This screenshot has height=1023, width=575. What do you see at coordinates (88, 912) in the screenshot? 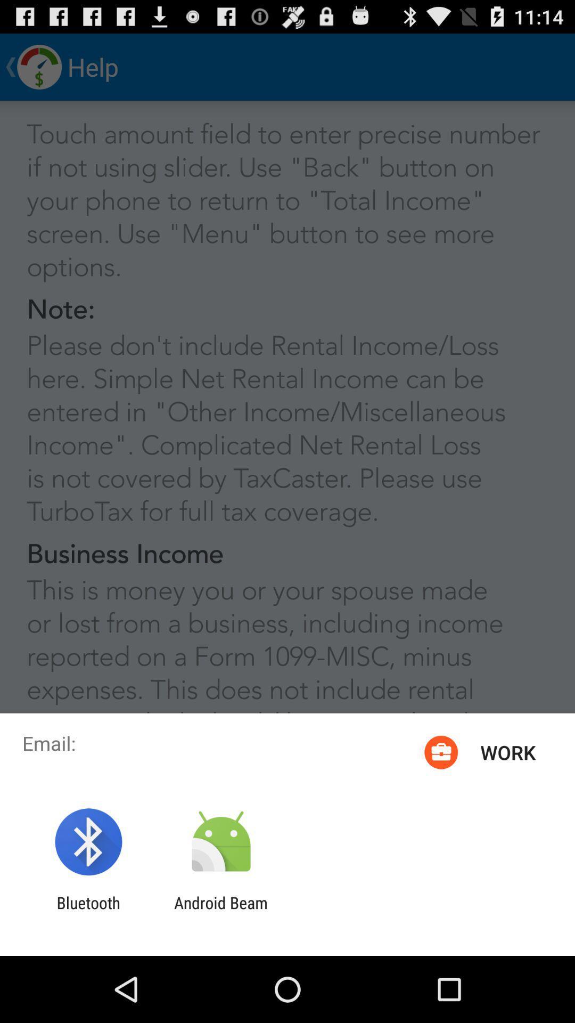
I see `app to the left of android beam` at bounding box center [88, 912].